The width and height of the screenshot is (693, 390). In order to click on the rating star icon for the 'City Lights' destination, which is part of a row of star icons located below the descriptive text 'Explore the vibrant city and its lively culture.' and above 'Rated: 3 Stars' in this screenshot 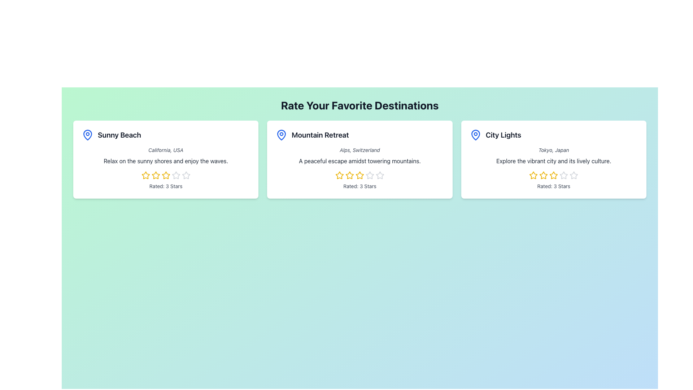, I will do `click(553, 175)`.